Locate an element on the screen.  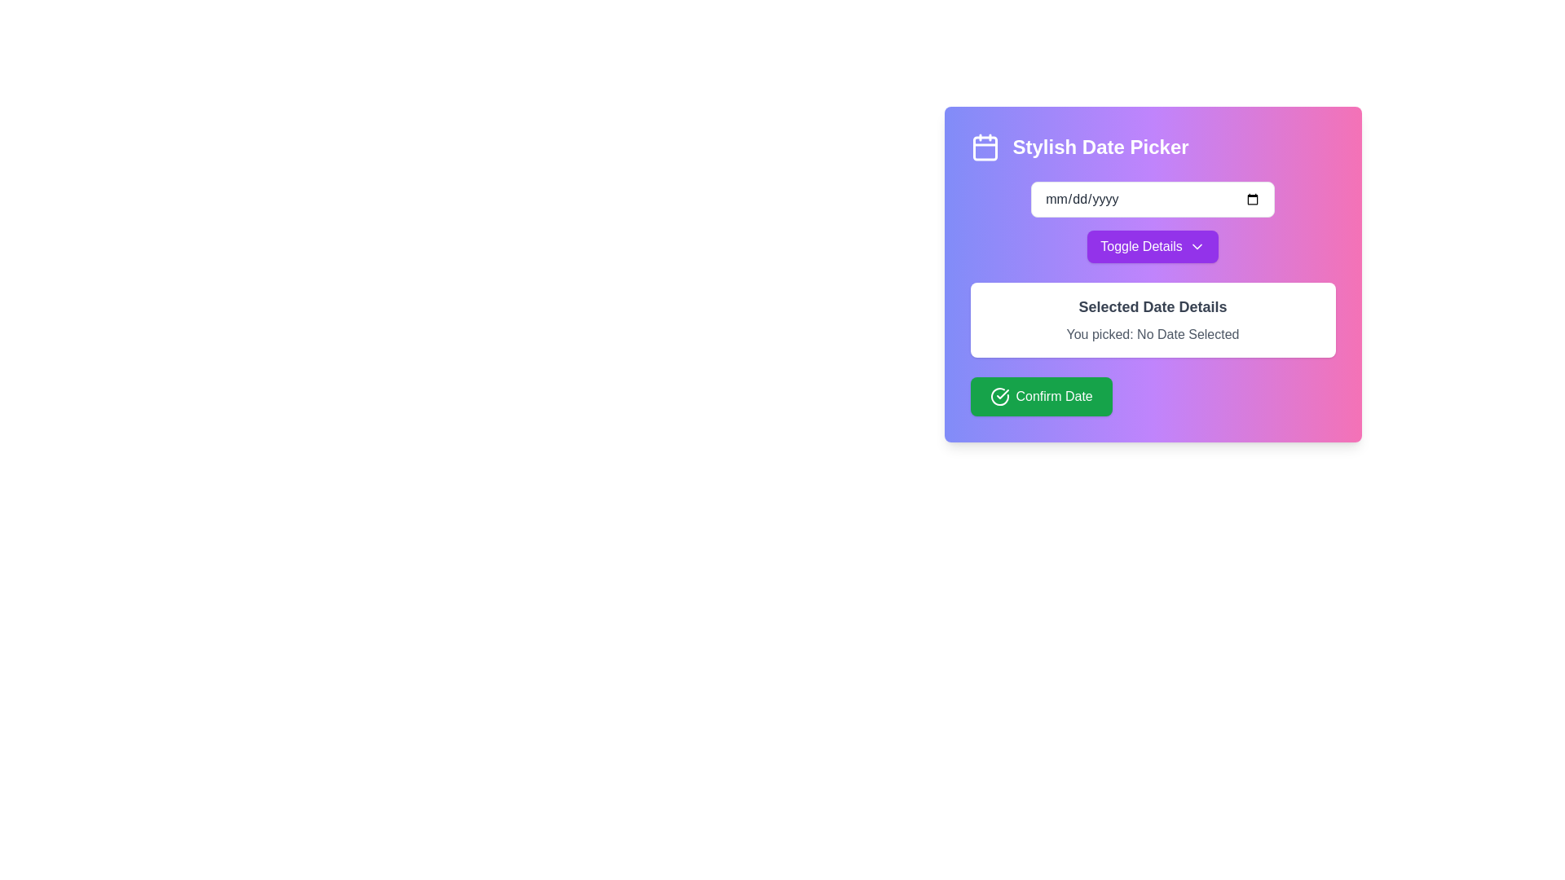
the calendar icon located on the far left of the 'Stylish Date Picker' component is located at coordinates (984, 147).